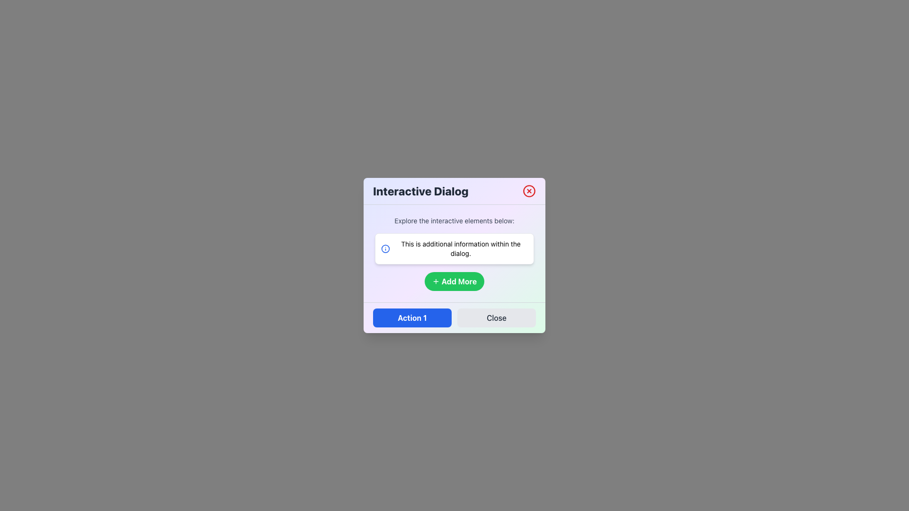 This screenshot has height=511, width=909. Describe the element at coordinates (459, 281) in the screenshot. I see `the 'Add More' button, which is a text label styled with bold white text on a green background, located centrally at the bottom of the dialog interface` at that location.